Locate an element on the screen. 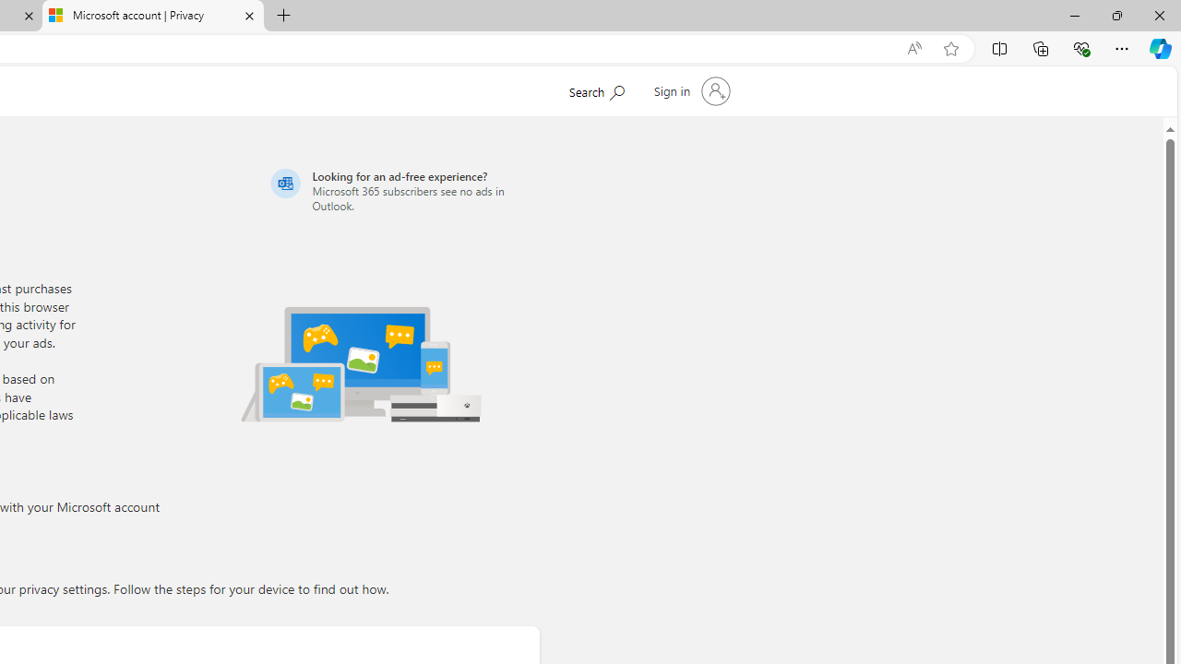  'Looking for an ad-free experience?' is located at coordinates (401, 190).